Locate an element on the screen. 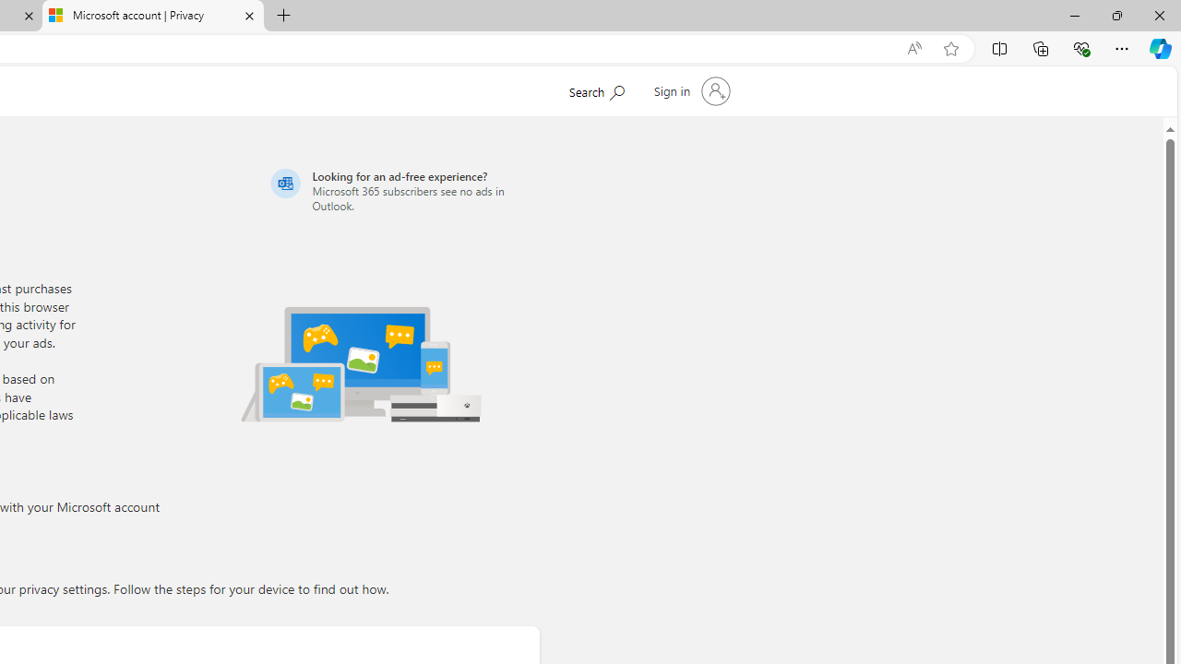  'Looking for an ad-free experience?' is located at coordinates (401, 190).